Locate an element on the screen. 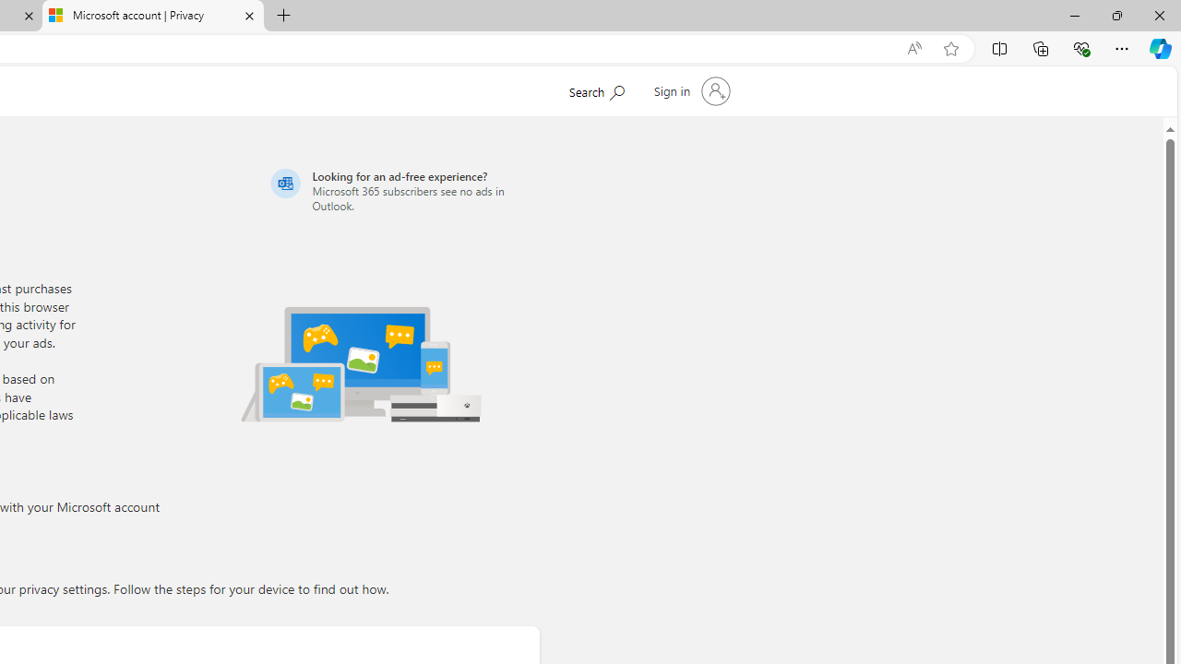  'Looking for an ad-free experience?' is located at coordinates (401, 190).